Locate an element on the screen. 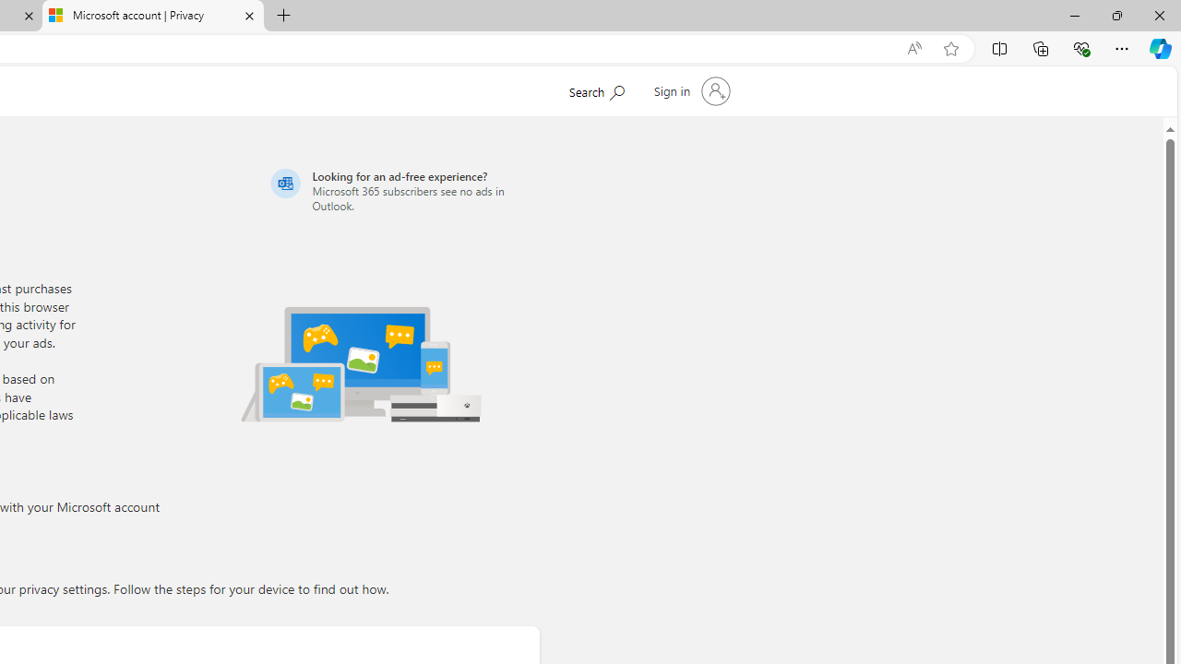  'Looking for an ad-free experience?' is located at coordinates (401, 190).